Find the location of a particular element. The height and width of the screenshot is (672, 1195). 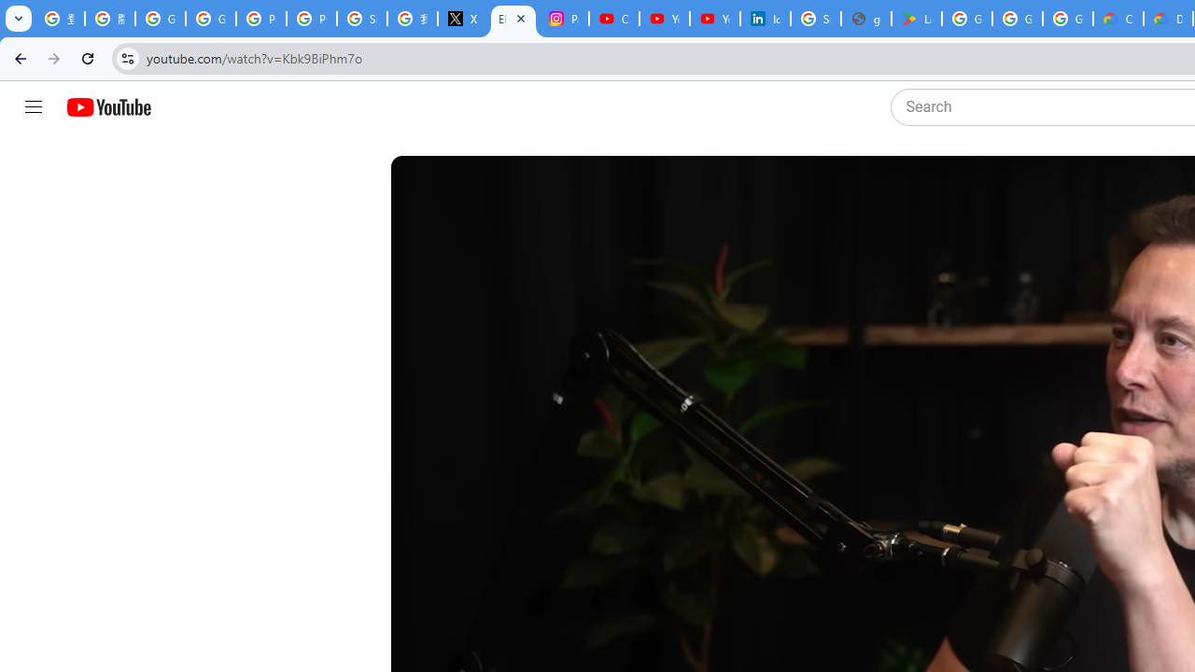

'YouTube Home' is located at coordinates (107, 107).